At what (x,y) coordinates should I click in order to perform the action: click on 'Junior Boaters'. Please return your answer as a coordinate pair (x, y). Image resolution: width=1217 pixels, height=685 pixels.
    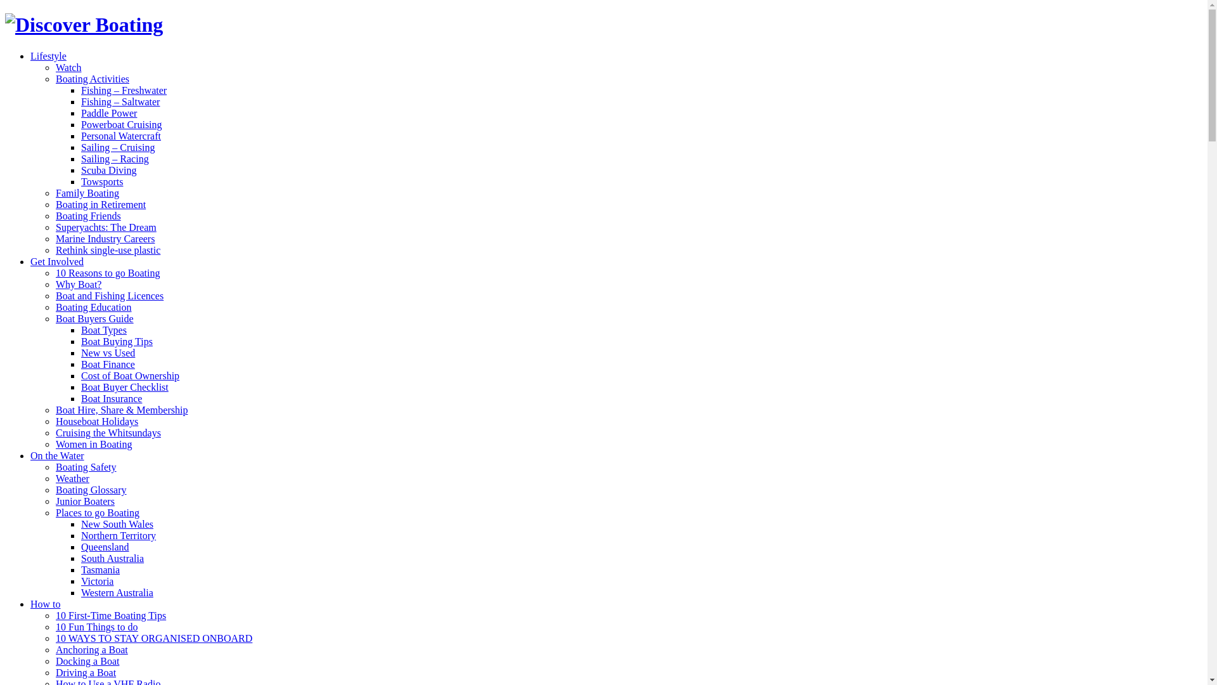
    Looking at the image, I should click on (84, 500).